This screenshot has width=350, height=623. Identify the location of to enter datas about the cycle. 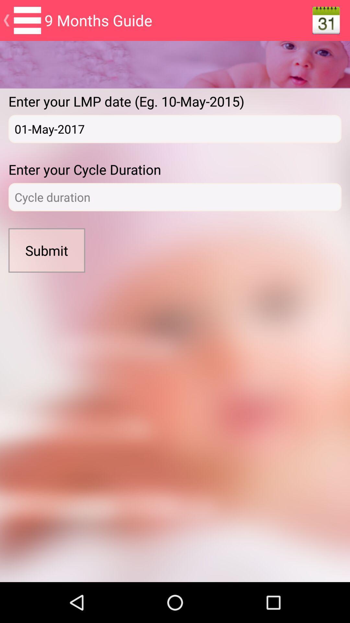
(175, 197).